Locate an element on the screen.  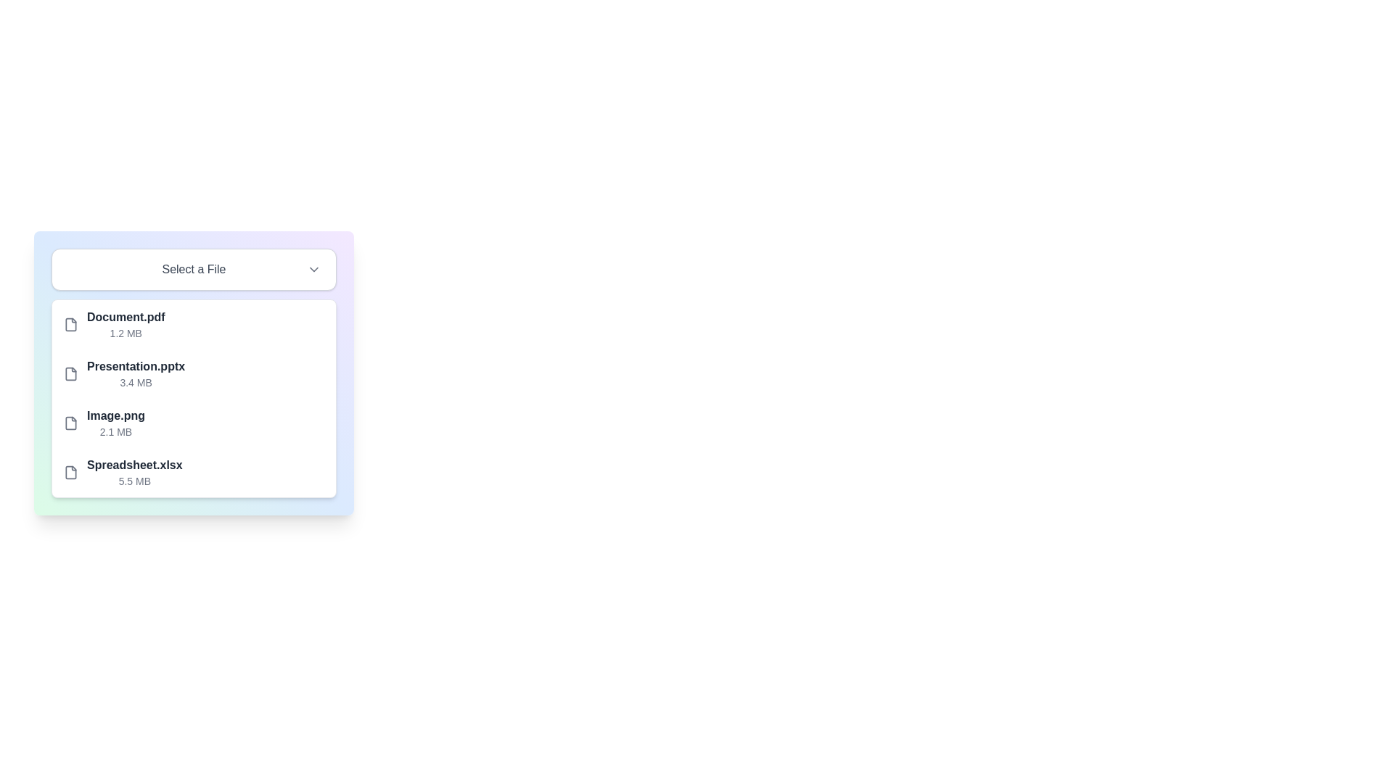
the first file entry row displaying 'Document.pdf' and its size '1.2 MB' is located at coordinates (193, 323).